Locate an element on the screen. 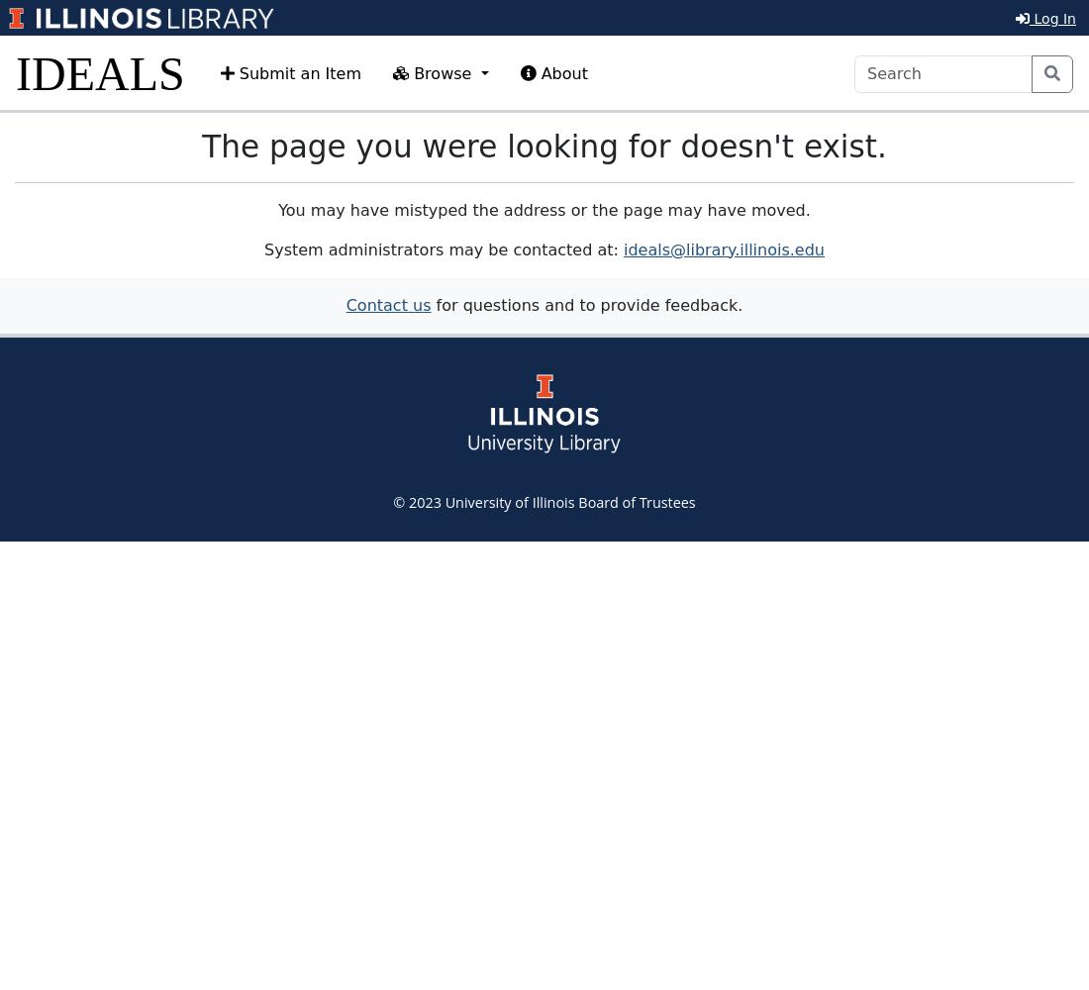 Image resolution: width=1089 pixels, height=990 pixels. 'You may have mistyped the address or the page may have moved.' is located at coordinates (544, 208).